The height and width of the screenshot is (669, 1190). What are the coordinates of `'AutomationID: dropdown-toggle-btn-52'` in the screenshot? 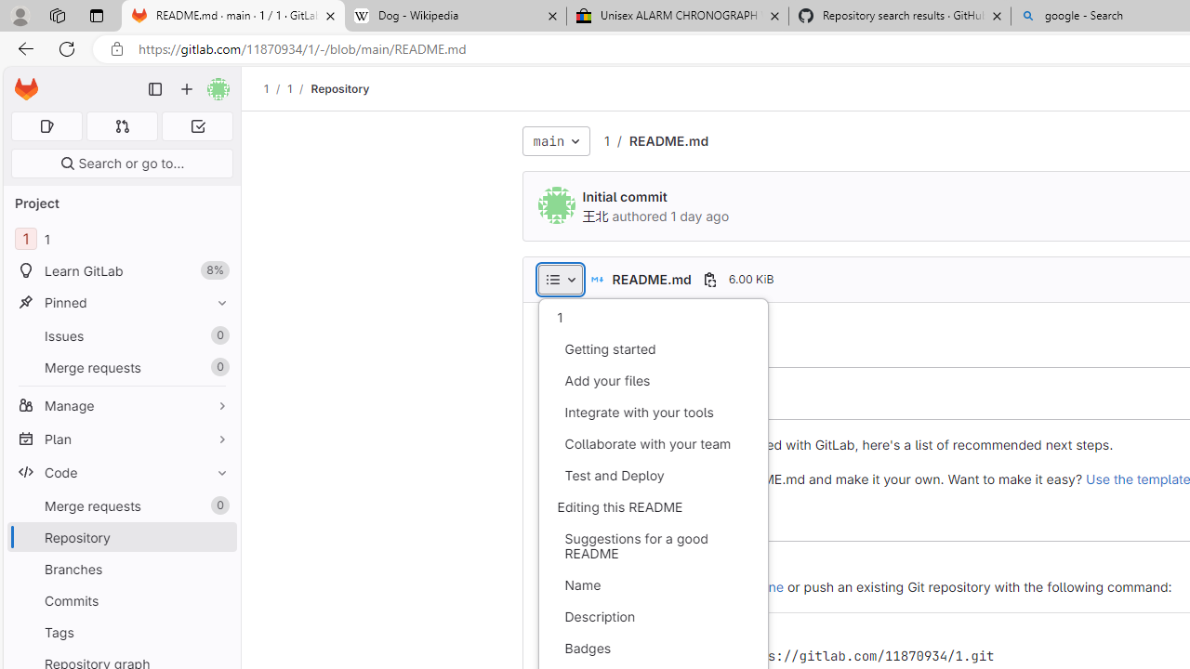 It's located at (559, 279).